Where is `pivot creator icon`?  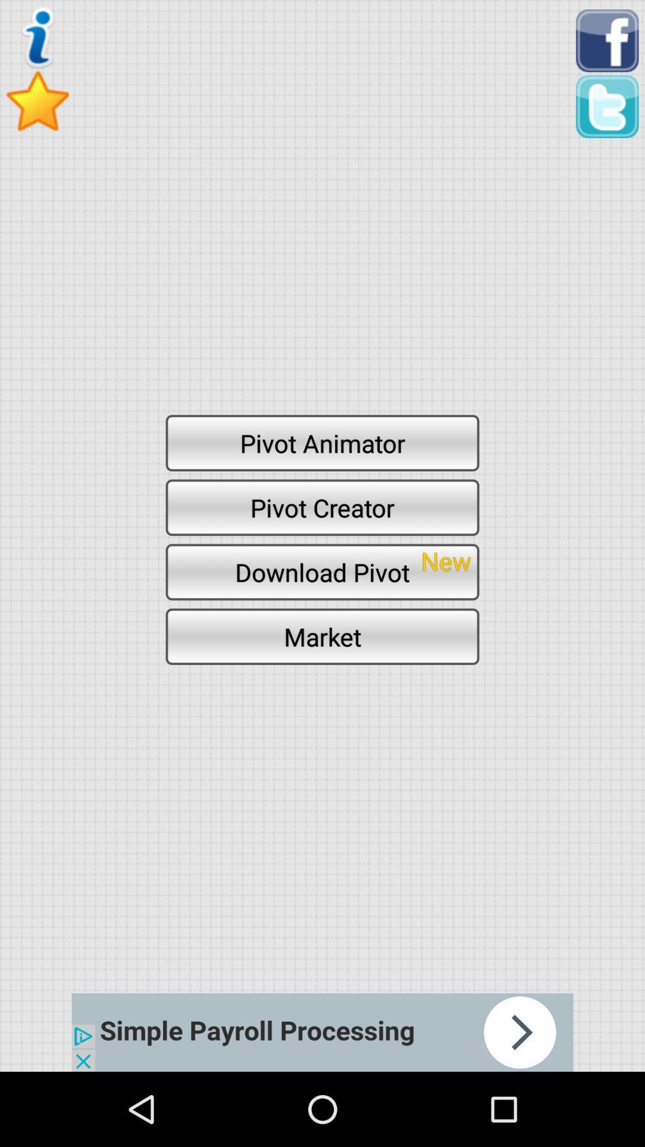
pivot creator icon is located at coordinates (322, 507).